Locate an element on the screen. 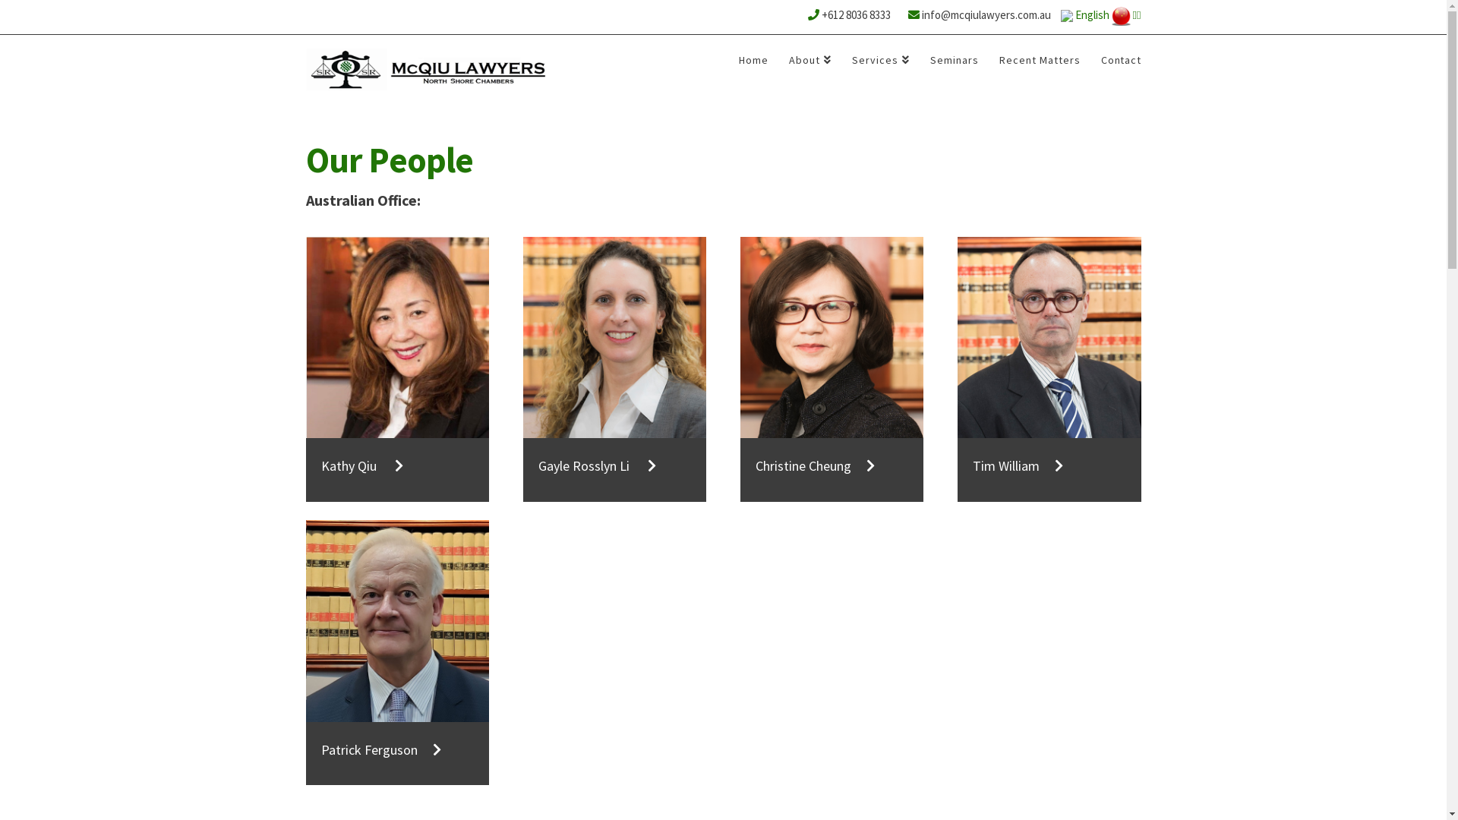 Image resolution: width=1458 pixels, height=820 pixels. 'Home' is located at coordinates (753, 64).